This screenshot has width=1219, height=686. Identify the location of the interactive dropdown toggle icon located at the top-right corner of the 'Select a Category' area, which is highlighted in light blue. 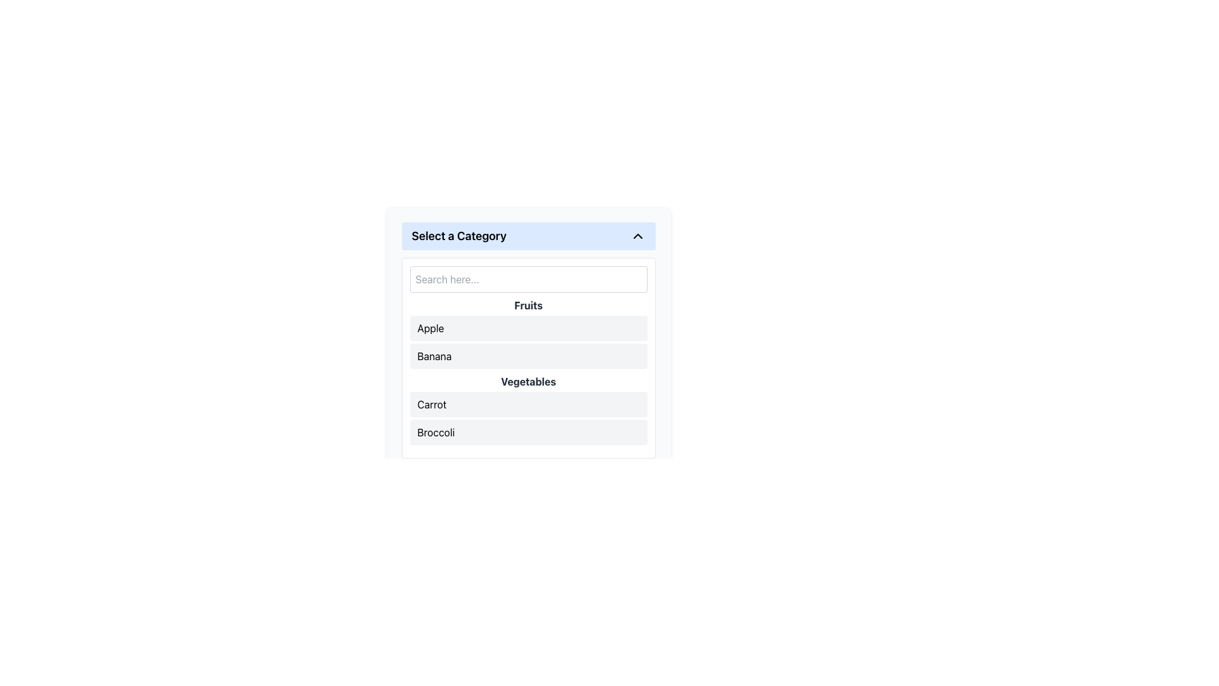
(637, 236).